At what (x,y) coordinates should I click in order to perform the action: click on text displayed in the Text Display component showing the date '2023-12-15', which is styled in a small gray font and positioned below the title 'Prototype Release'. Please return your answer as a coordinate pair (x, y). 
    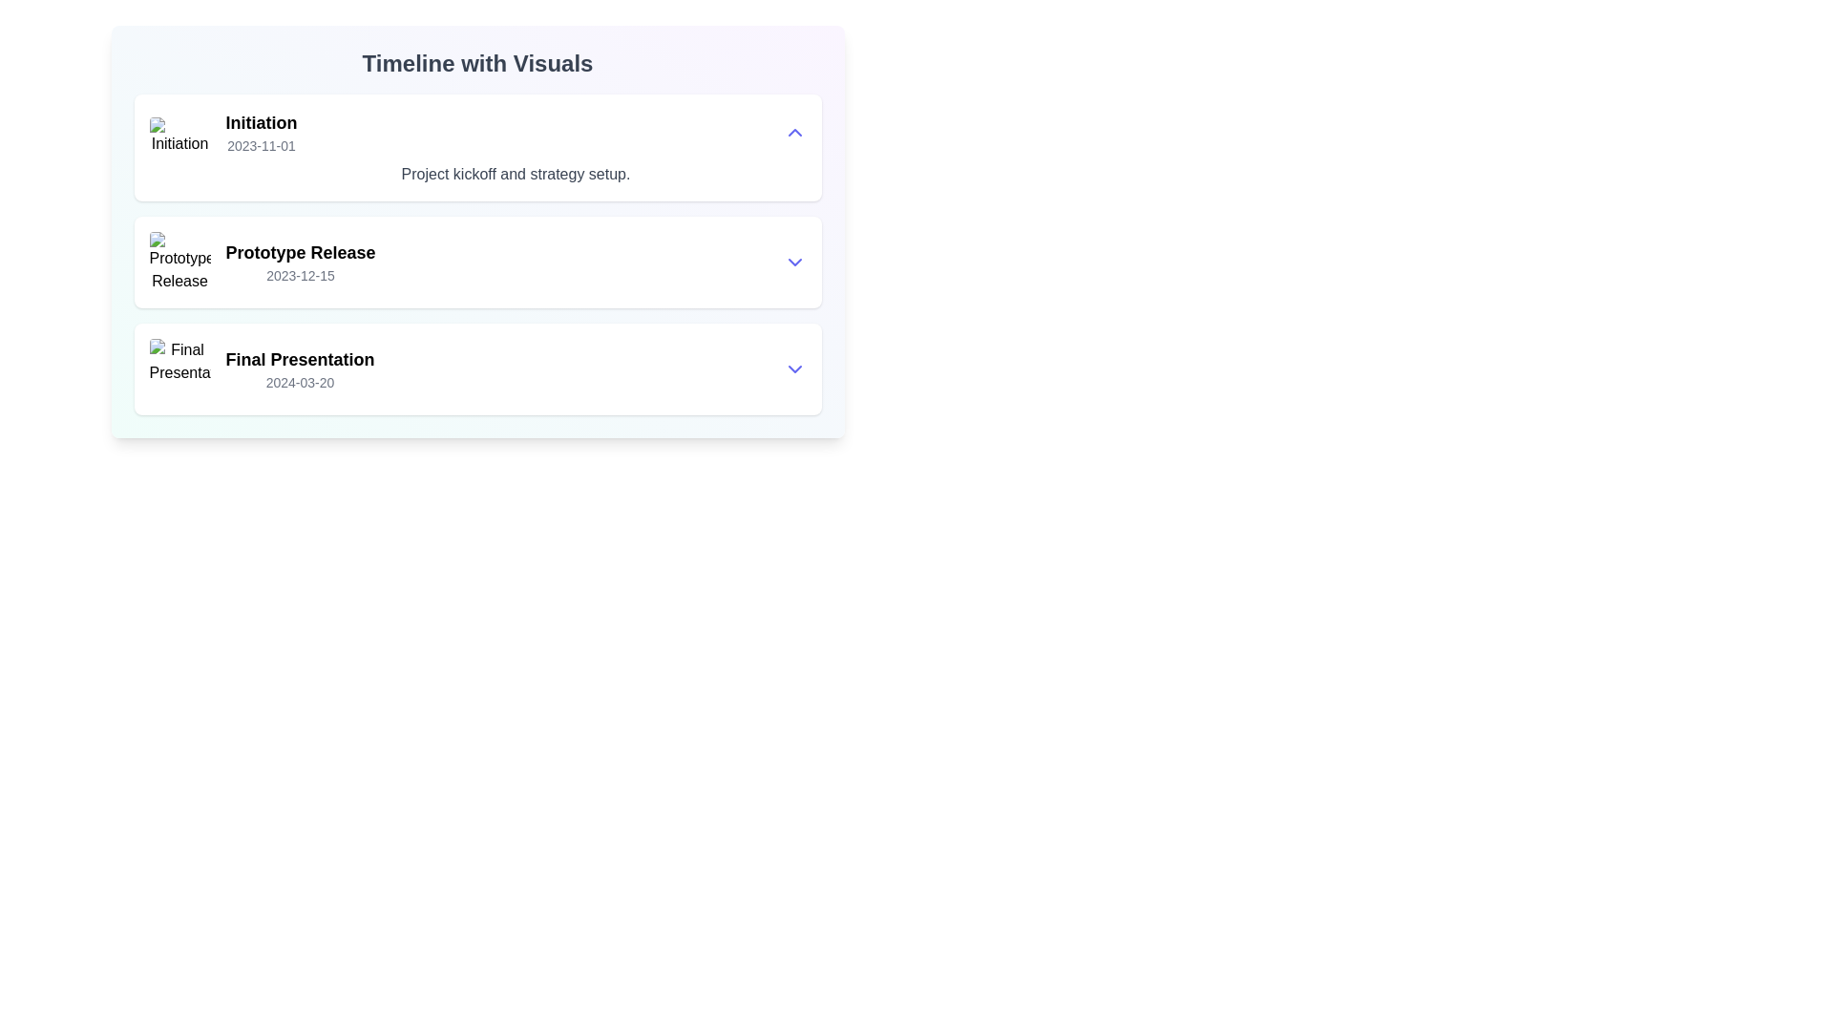
    Looking at the image, I should click on (300, 276).